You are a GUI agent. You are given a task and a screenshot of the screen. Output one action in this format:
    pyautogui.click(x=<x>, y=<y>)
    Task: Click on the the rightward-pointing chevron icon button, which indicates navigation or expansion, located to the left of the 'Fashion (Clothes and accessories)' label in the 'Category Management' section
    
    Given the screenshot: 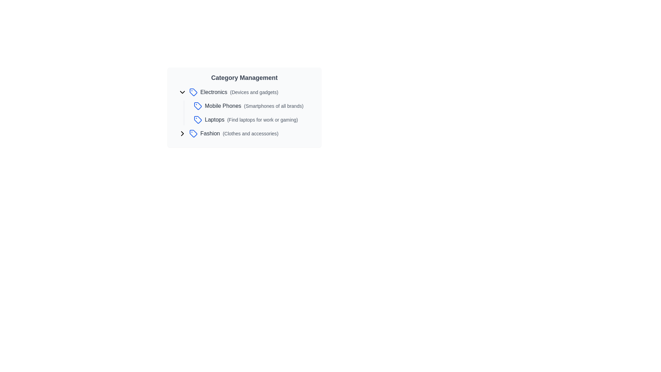 What is the action you would take?
    pyautogui.click(x=182, y=134)
    